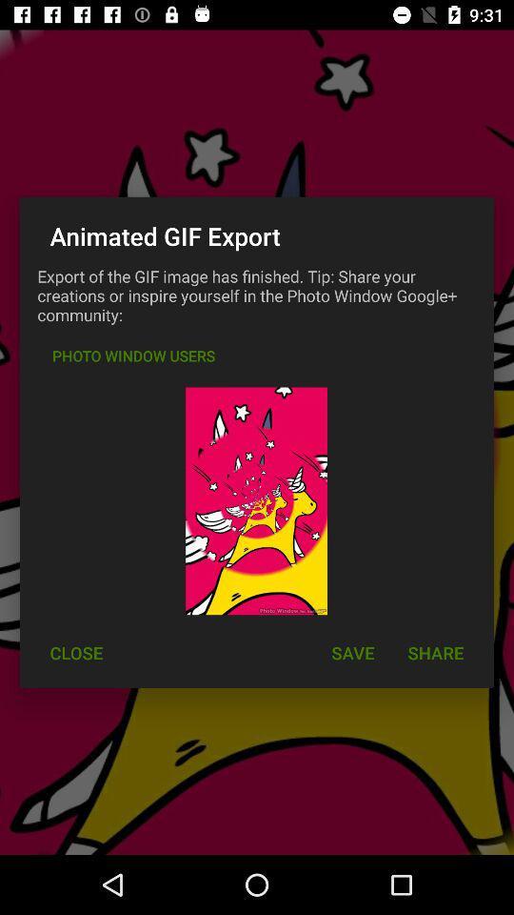 The height and width of the screenshot is (915, 514). Describe the element at coordinates (75, 653) in the screenshot. I see `close at the bottom left corner` at that location.